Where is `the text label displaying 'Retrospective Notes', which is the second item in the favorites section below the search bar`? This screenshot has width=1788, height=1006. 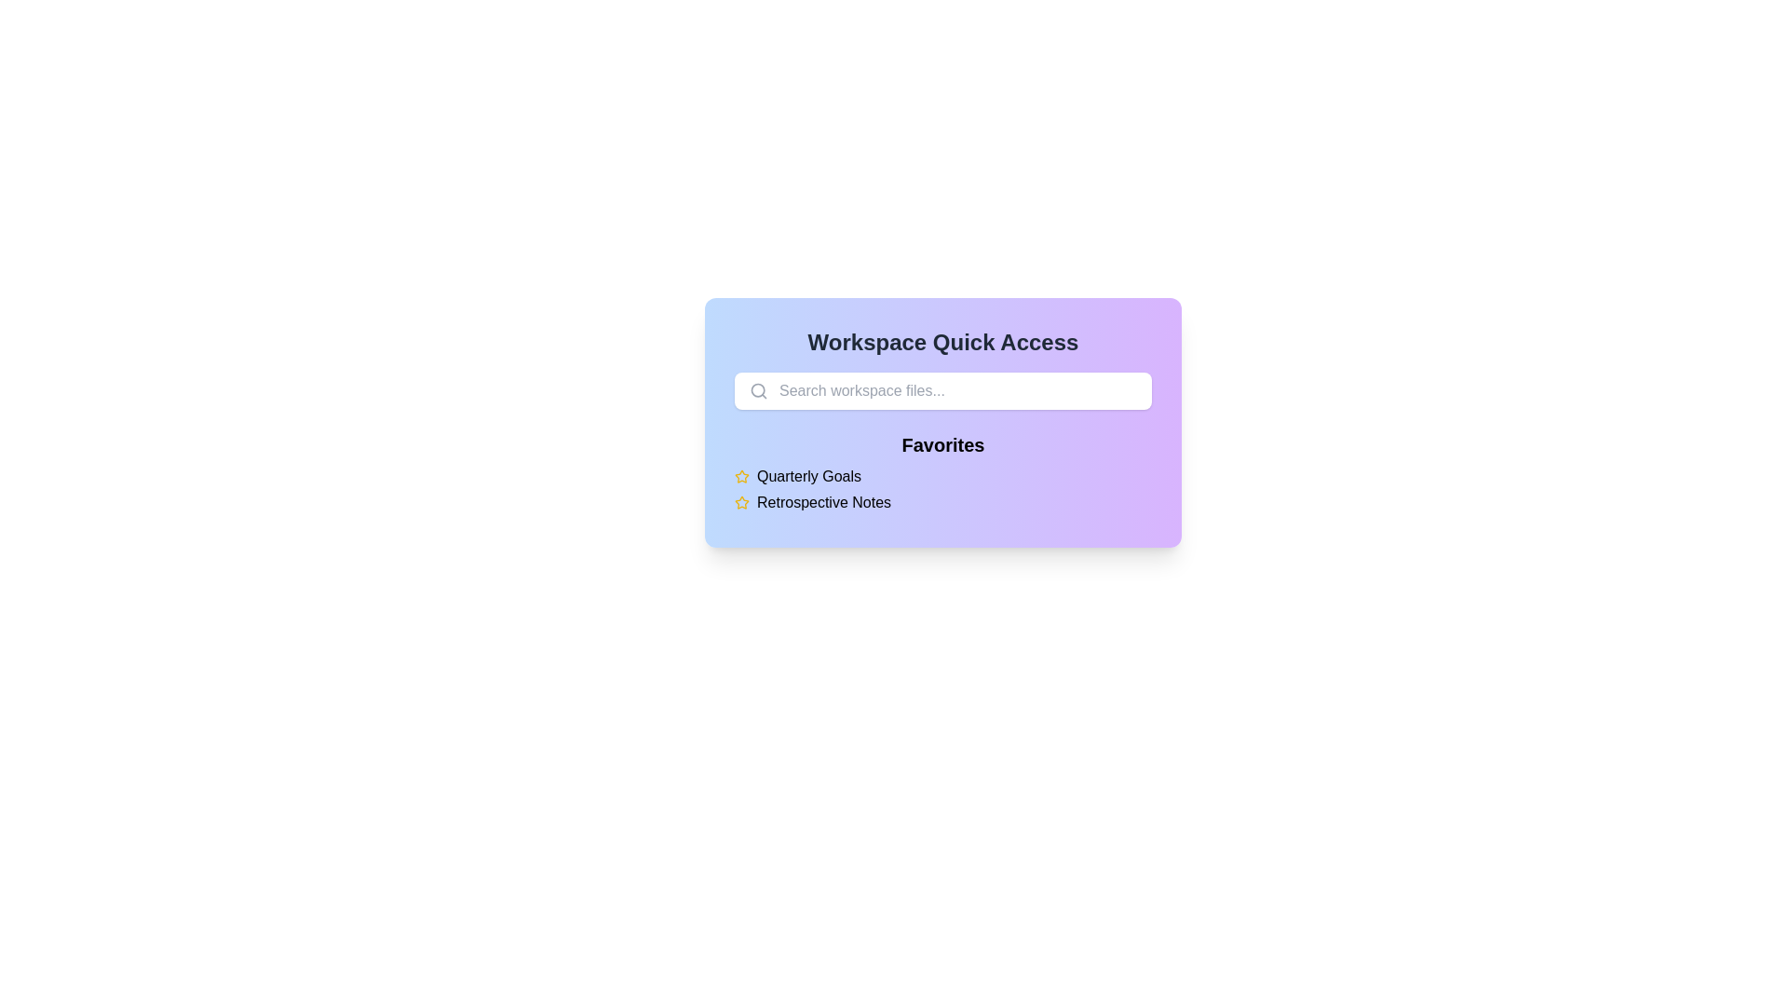
the text label displaying 'Retrospective Notes', which is the second item in the favorites section below the search bar is located at coordinates (823, 503).